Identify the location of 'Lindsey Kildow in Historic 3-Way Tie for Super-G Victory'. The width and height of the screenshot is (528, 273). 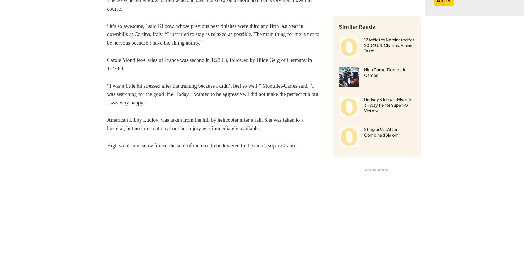
(388, 105).